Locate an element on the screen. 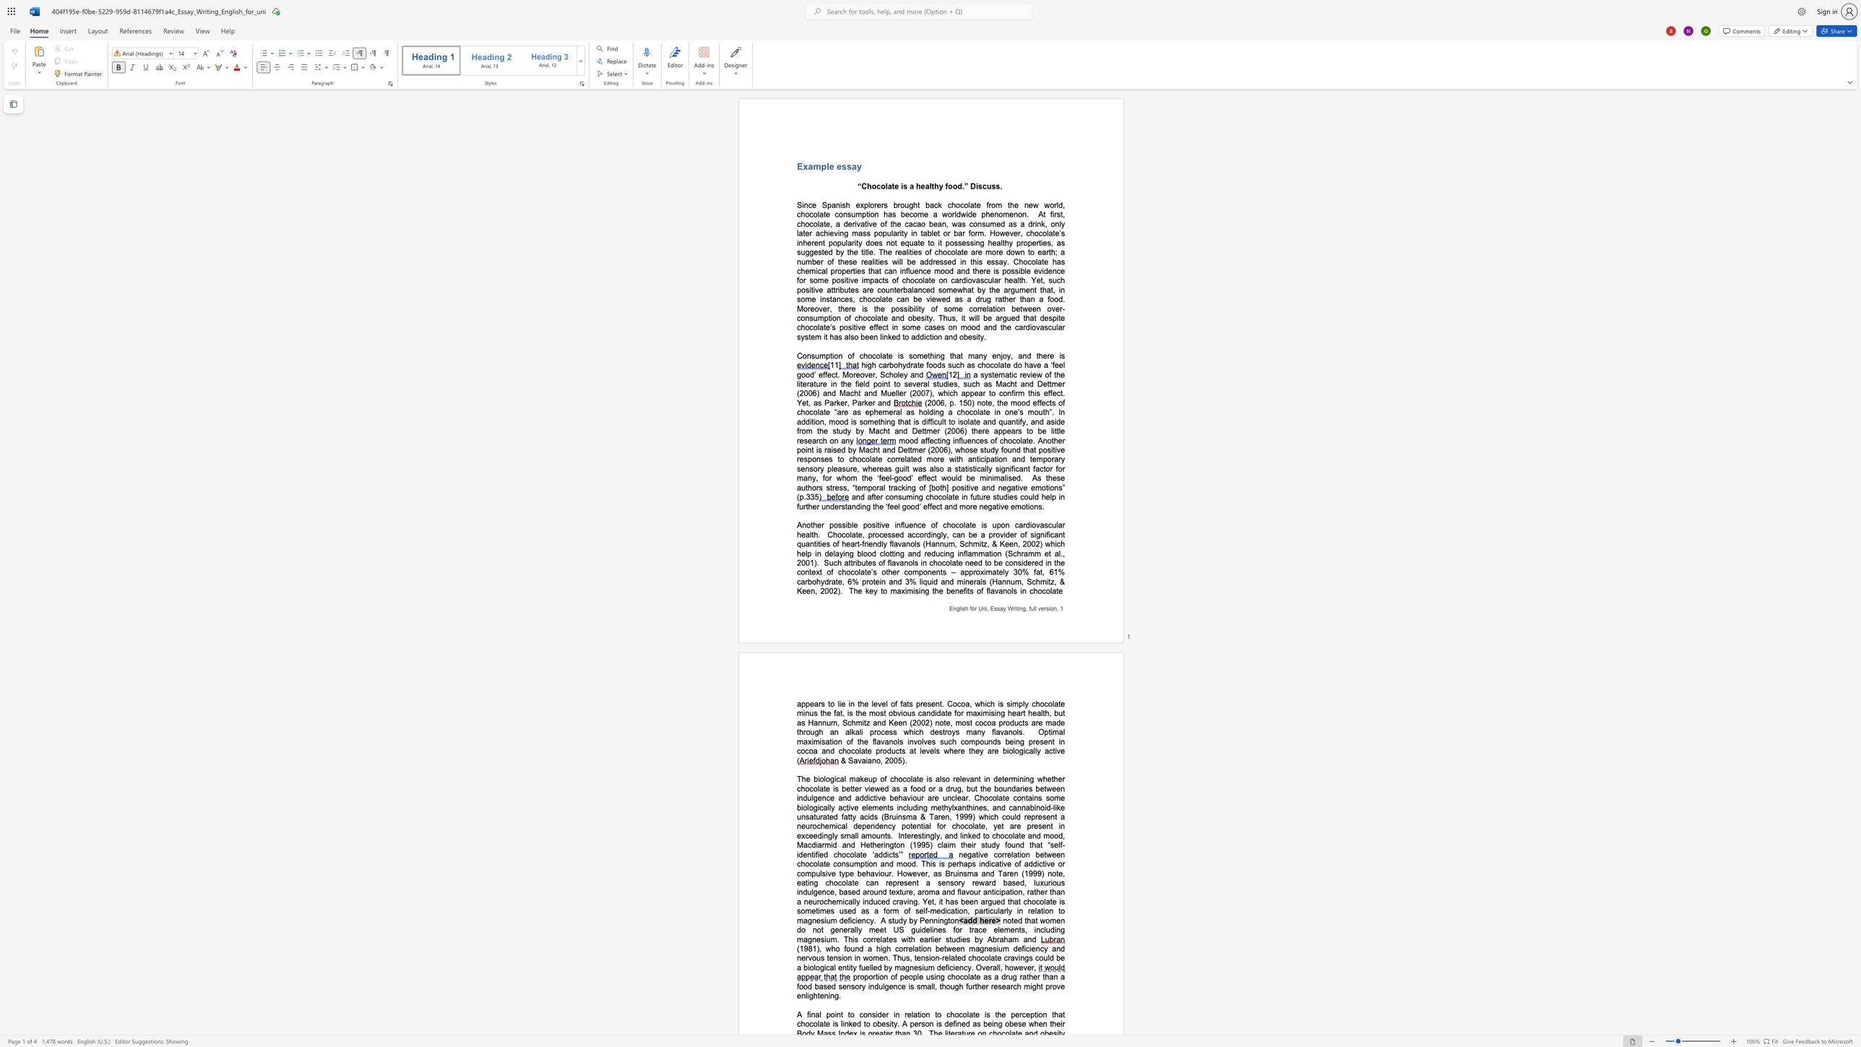 The height and width of the screenshot is (1047, 1861). the subset text "ng present in cocoa and chocolate products at le" within the text "Optimal maximisation of the flavanols involves such compounds being present in cocoa and chocolate products at levels where they are biologically" is located at coordinates (1015, 741).